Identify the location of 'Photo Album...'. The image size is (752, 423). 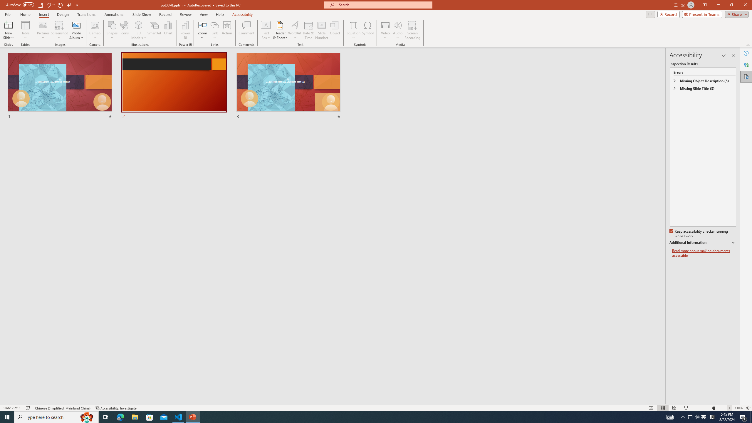
(76, 30).